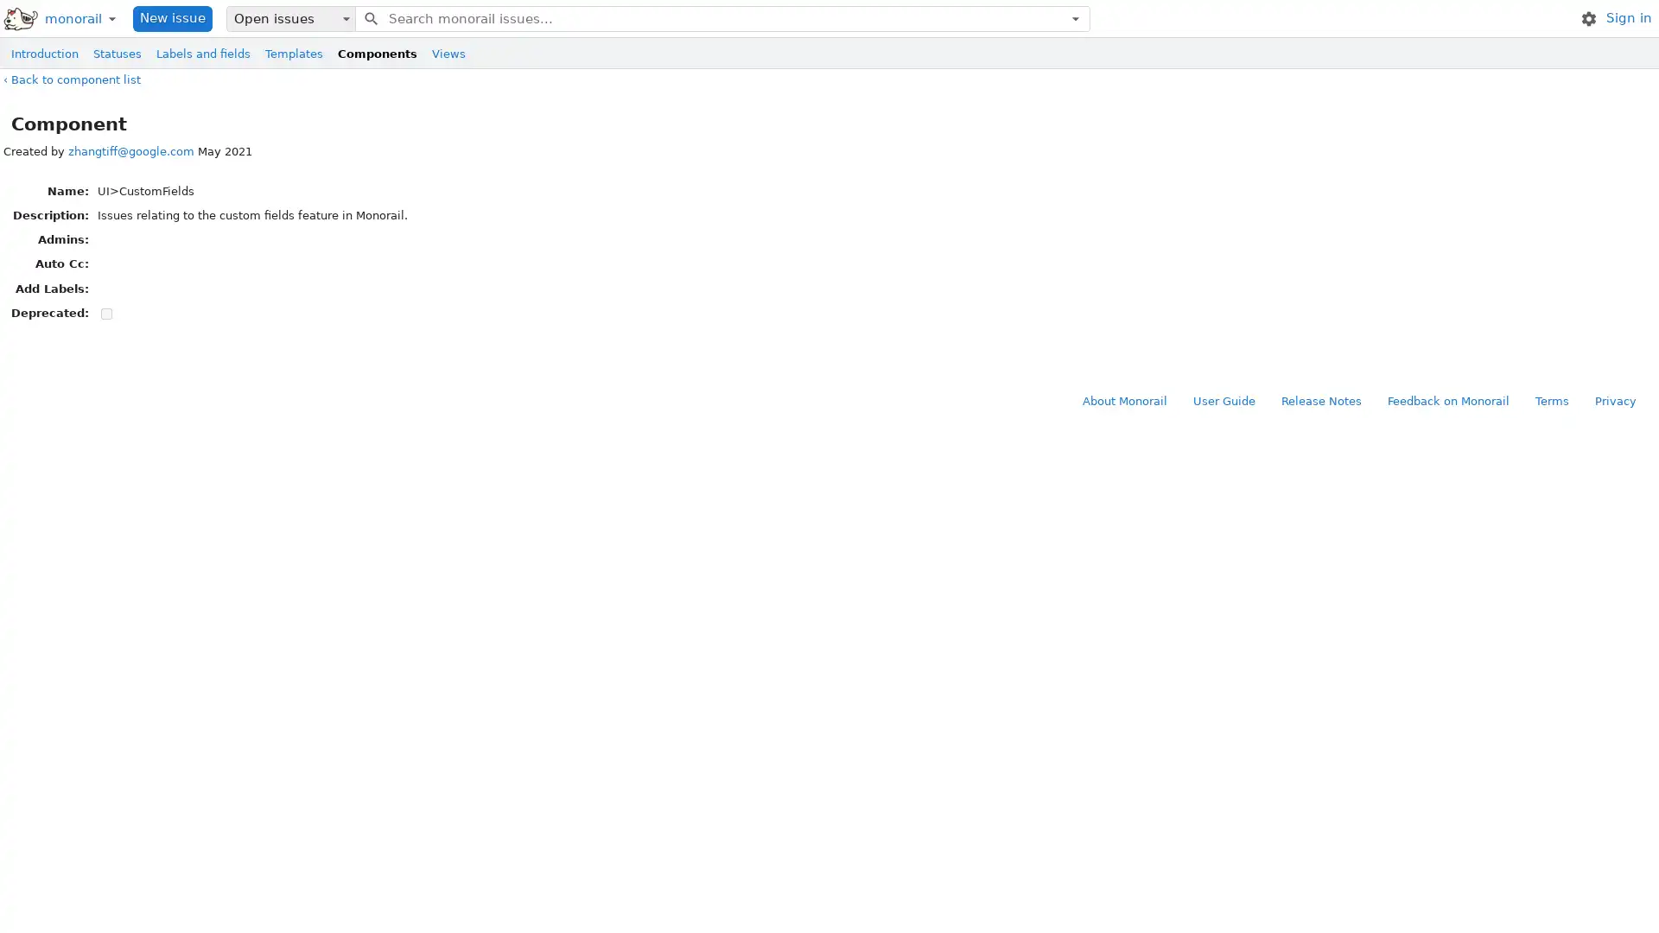 This screenshot has height=933, width=1659. I want to click on Search options, so click(1074, 17).